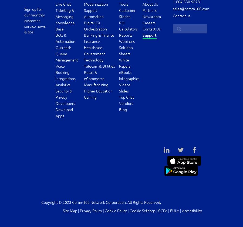 The width and height of the screenshot is (243, 227). What do you see at coordinates (191, 211) in the screenshot?
I see `'Accessibility'` at bounding box center [191, 211].